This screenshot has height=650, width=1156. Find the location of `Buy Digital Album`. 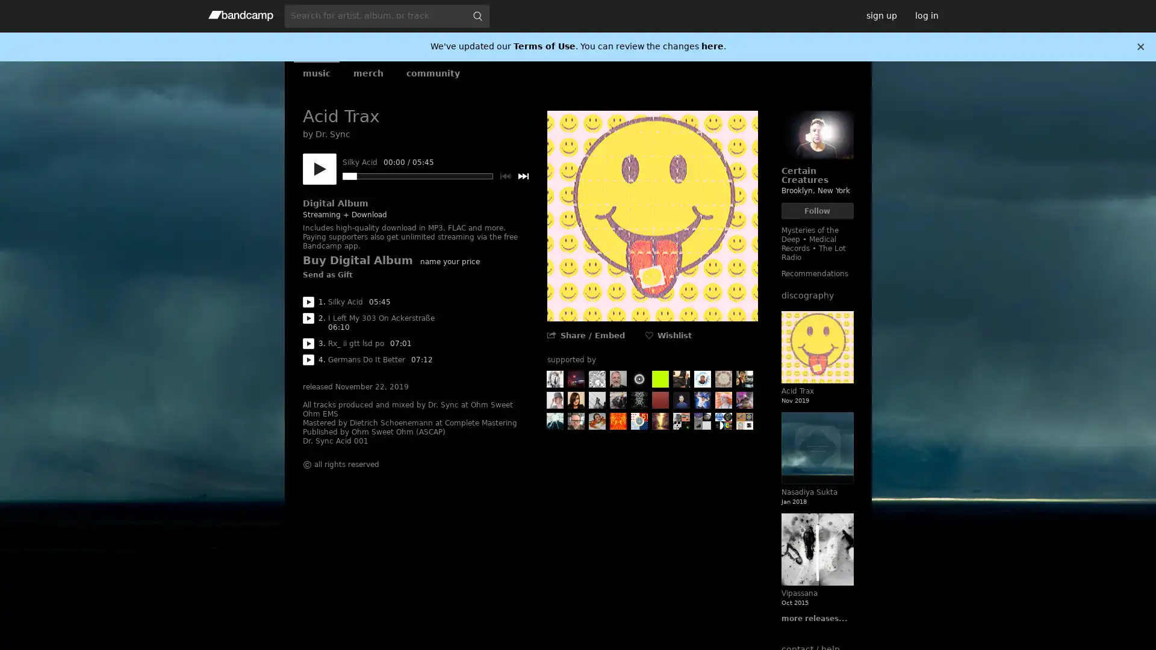

Buy Digital Album is located at coordinates (356, 259).